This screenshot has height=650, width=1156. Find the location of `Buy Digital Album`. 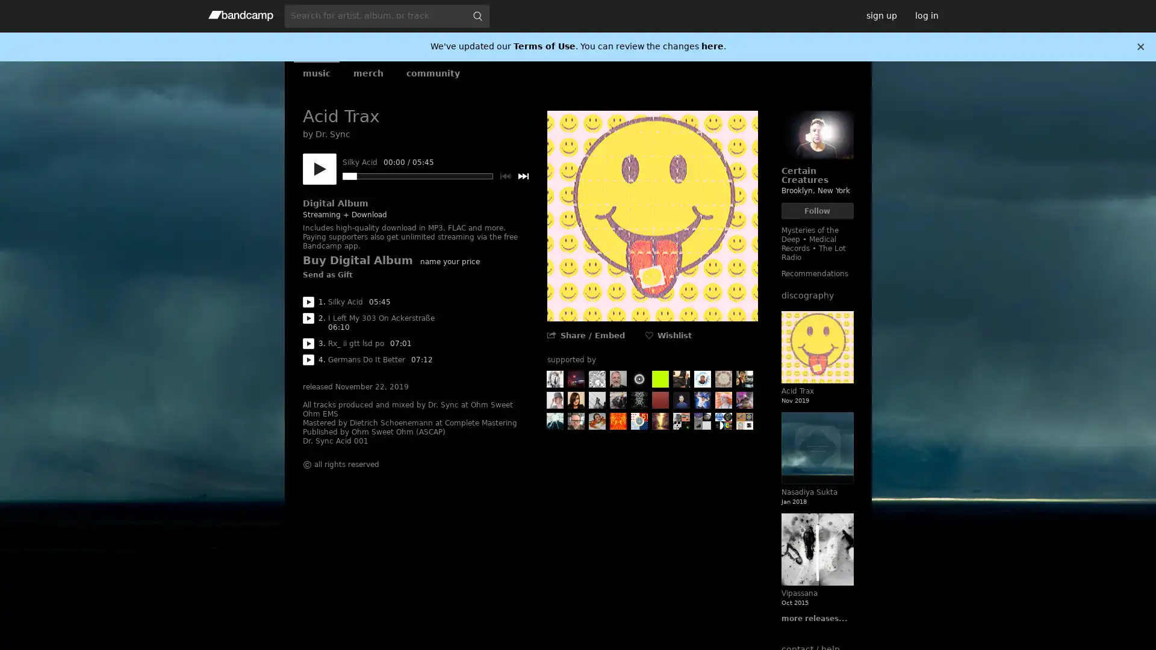

Buy Digital Album is located at coordinates (356, 259).